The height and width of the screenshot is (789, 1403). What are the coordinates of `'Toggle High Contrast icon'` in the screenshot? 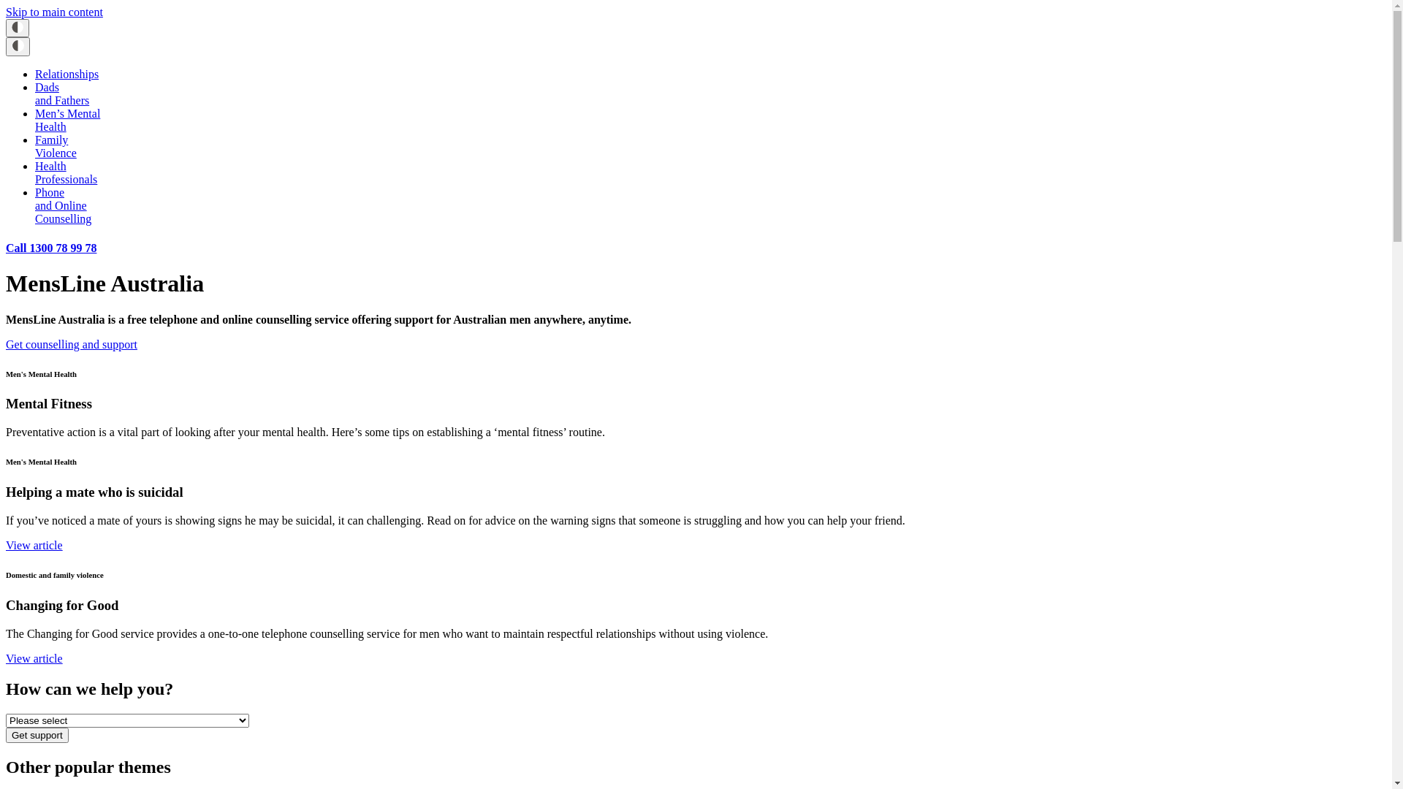 It's located at (18, 46).